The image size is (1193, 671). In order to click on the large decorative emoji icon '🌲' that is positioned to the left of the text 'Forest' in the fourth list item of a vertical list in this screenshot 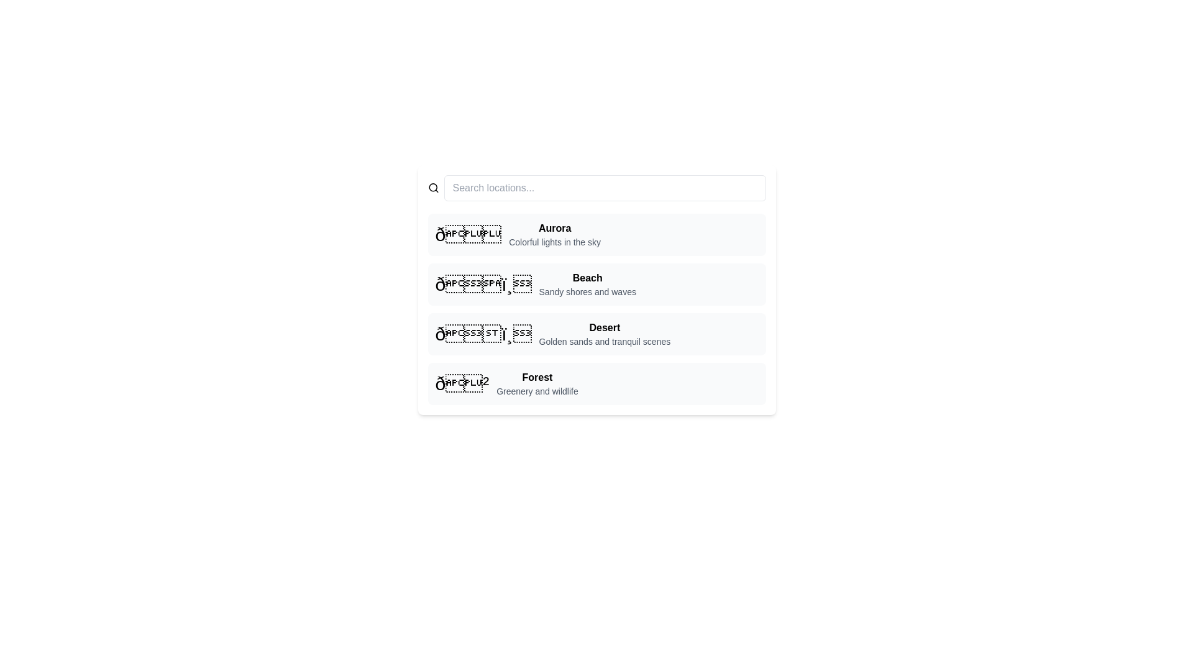, I will do `click(461, 383)`.